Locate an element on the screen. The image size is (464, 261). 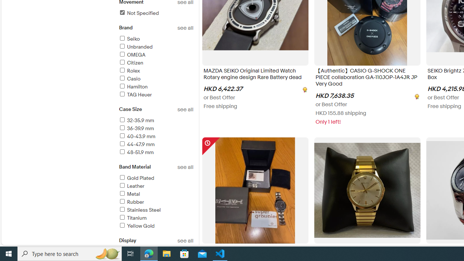
'Seiko' is located at coordinates (129, 39).